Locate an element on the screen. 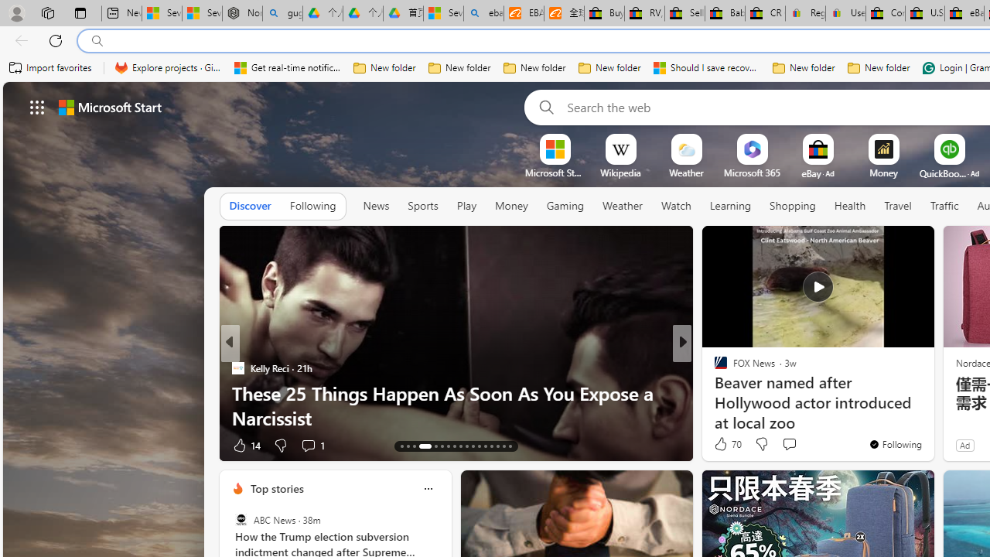  '315 Like' is located at coordinates (723, 445).